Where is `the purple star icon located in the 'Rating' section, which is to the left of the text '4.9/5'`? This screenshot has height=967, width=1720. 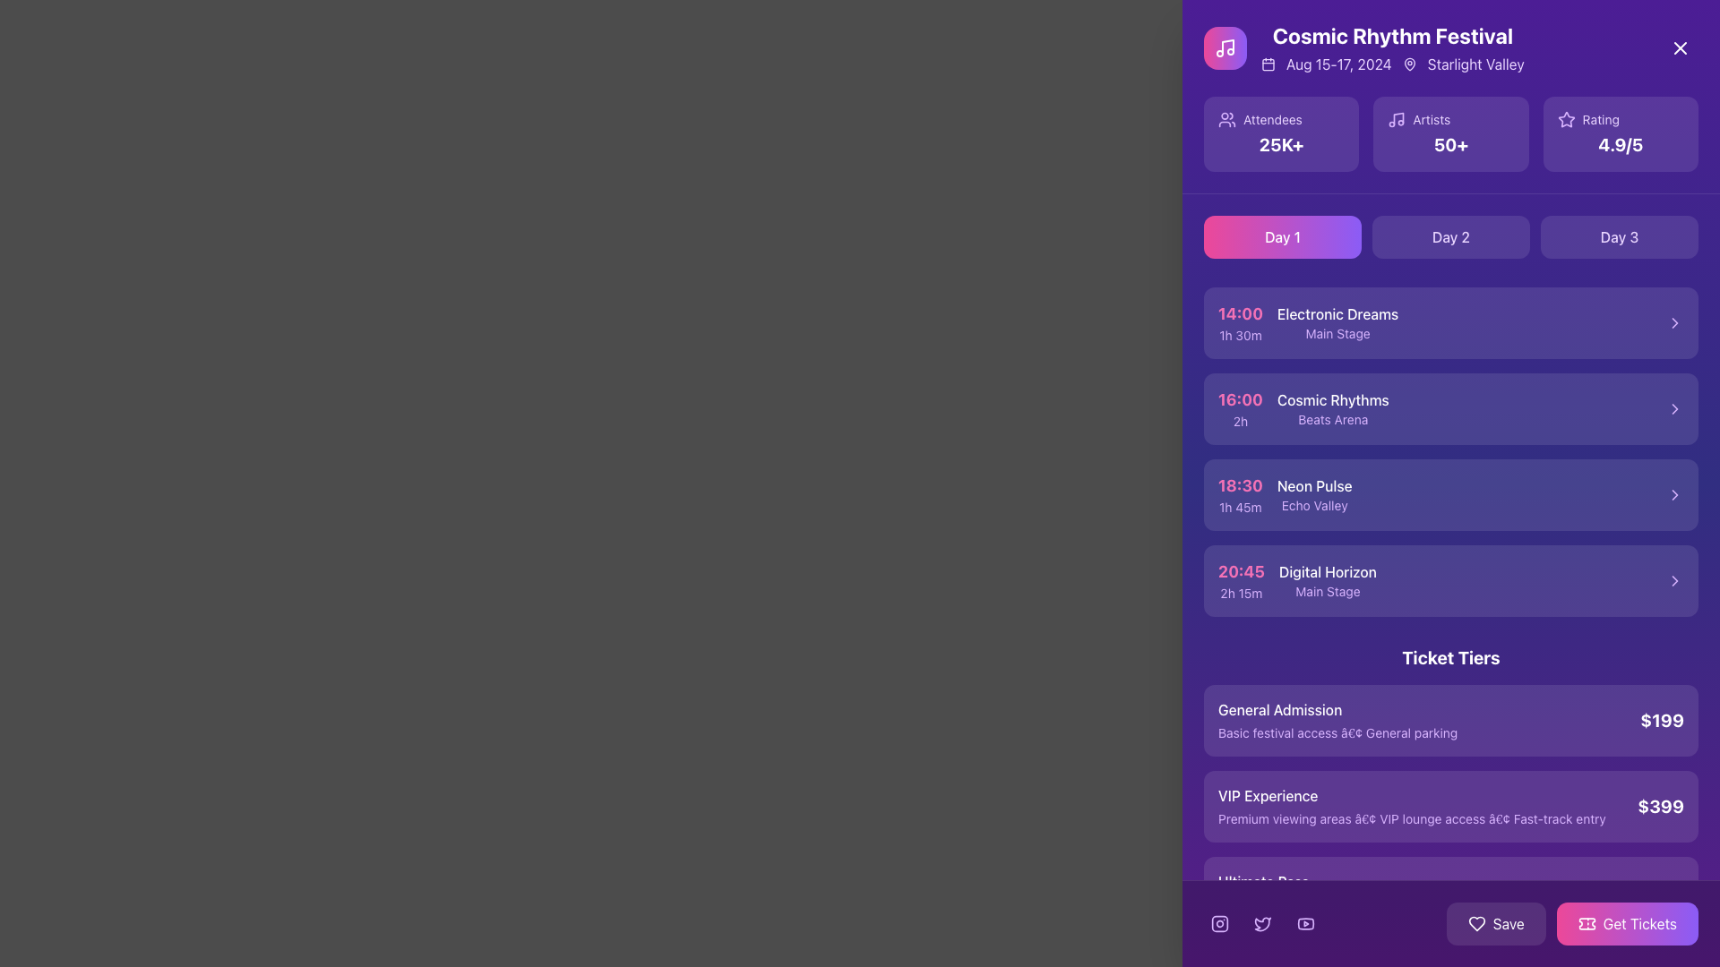
the purple star icon located in the 'Rating' section, which is to the left of the text '4.9/5' is located at coordinates (1565, 120).